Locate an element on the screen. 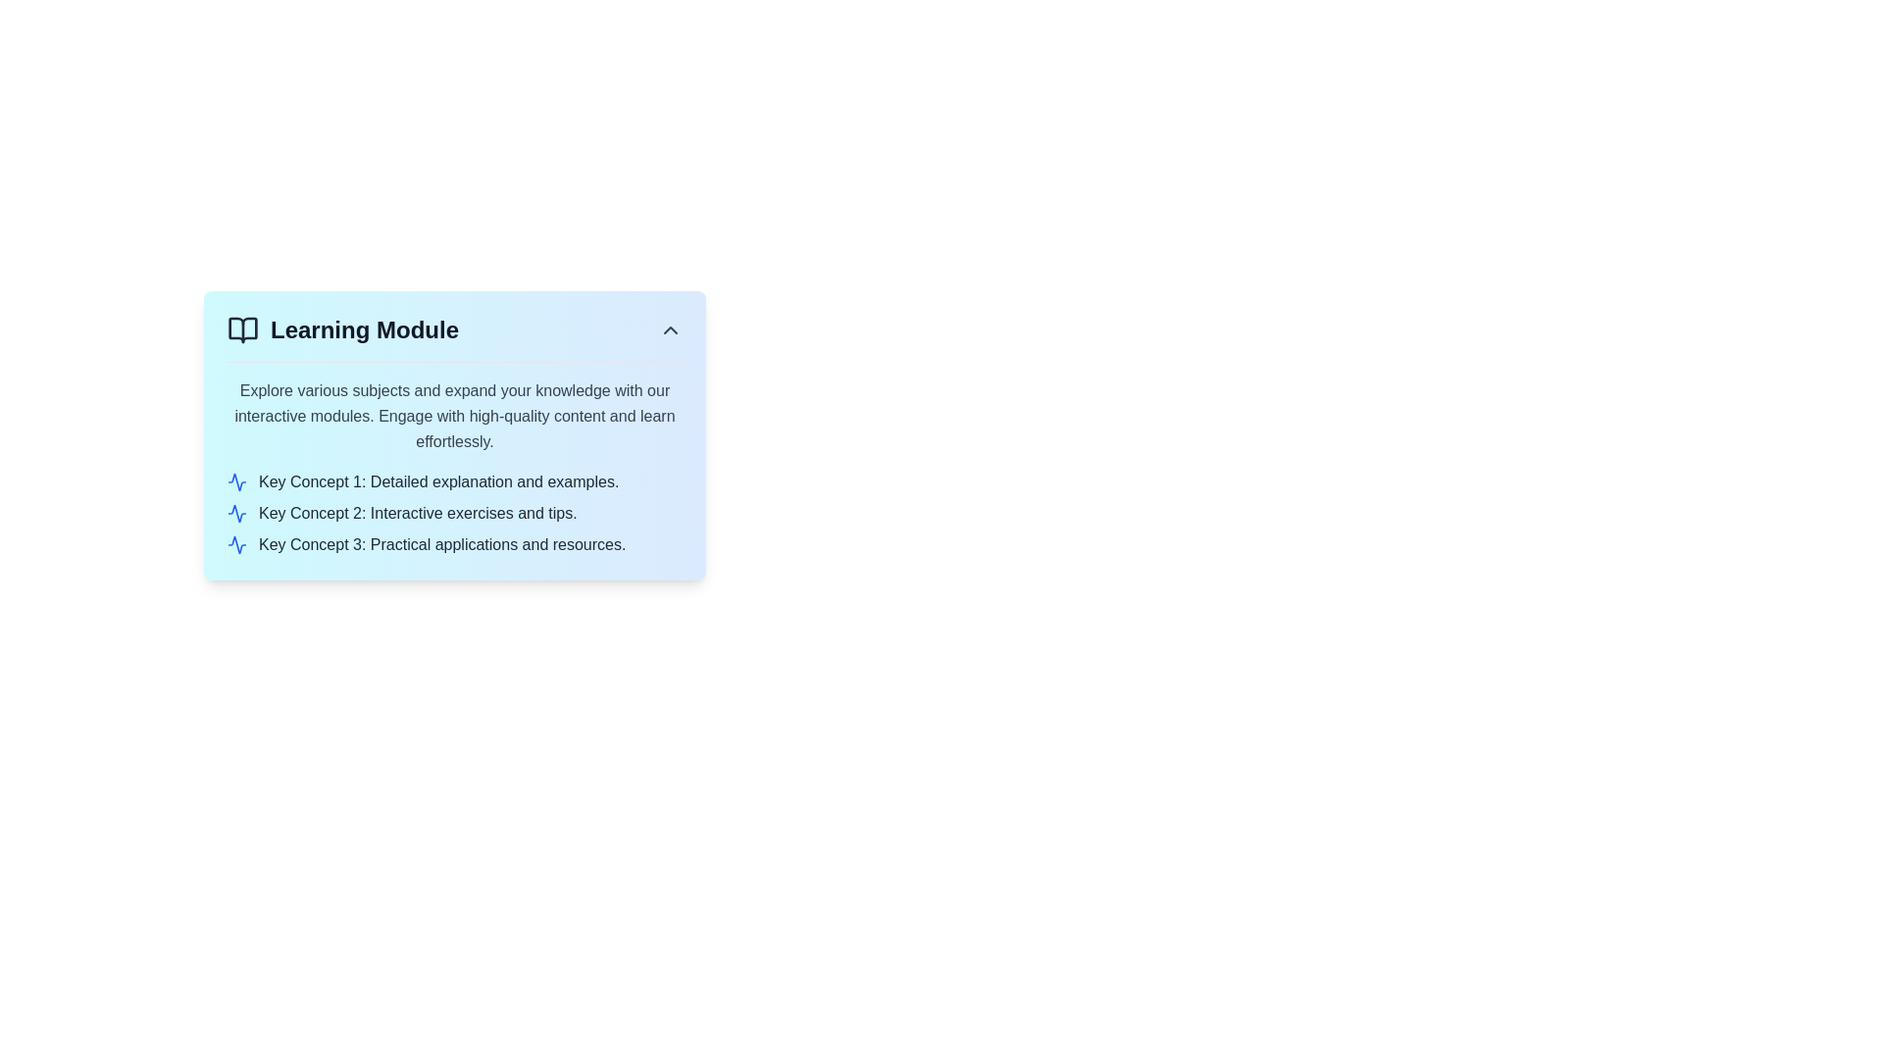 The width and height of the screenshot is (1883, 1059). the icon that serves as a visual indicator for 'Key Concept 2' in the Learning Module, positioned before the text 'Key Concept 2: Interactive exercises and tips.' is located at coordinates (235, 513).